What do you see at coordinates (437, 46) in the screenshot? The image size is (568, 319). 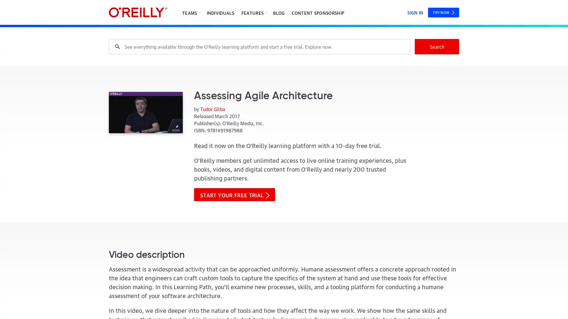 I see `Search` at bounding box center [437, 46].